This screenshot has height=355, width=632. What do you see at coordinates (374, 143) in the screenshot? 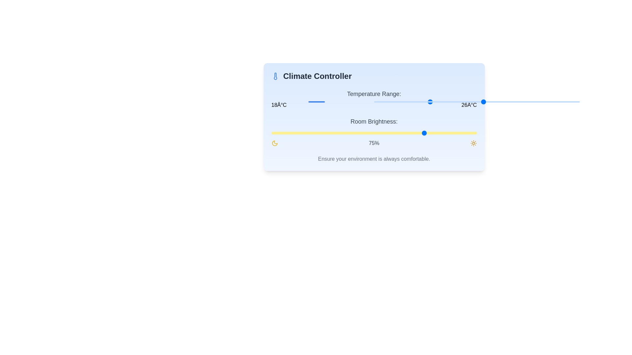
I see `the brightness level label, which displays the current brightness percentage, located in the 'Room Brightness' section between the moon and sun symbols` at bounding box center [374, 143].